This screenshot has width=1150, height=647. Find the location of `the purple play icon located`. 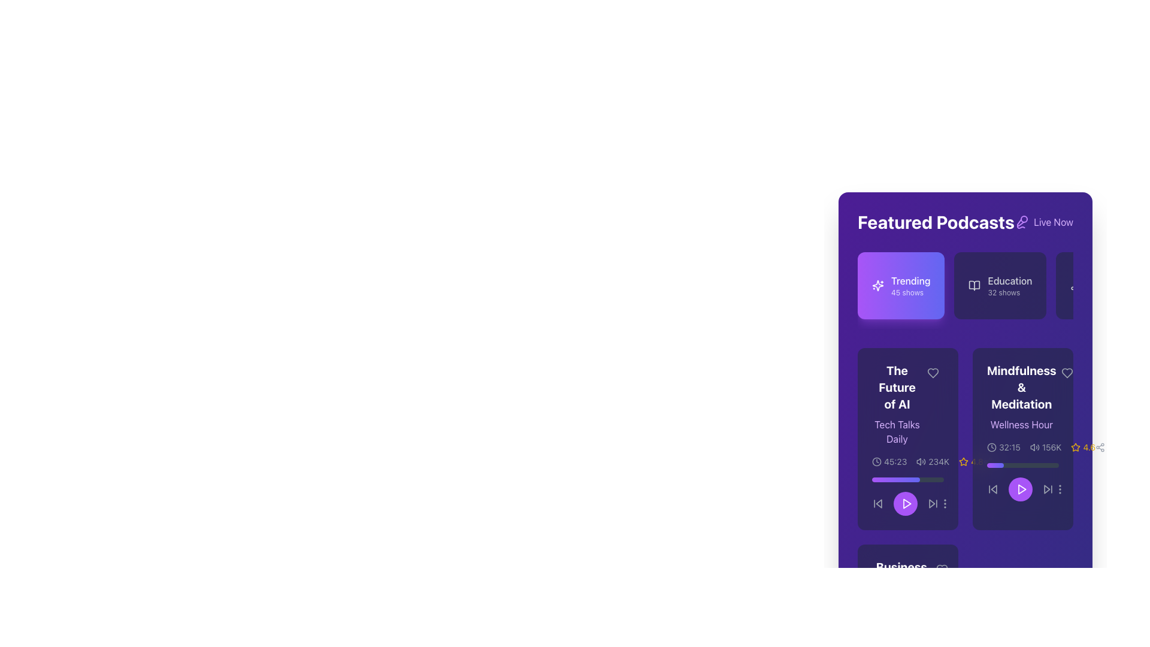

the purple play icon located is located at coordinates (1021, 489).